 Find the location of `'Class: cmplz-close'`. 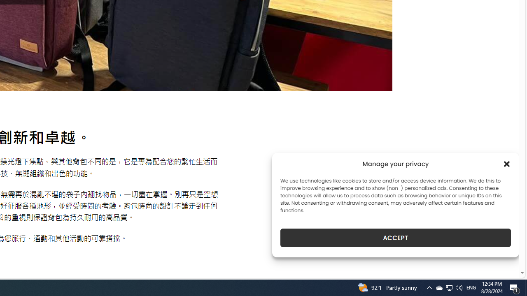

'Class: cmplz-close' is located at coordinates (506, 164).